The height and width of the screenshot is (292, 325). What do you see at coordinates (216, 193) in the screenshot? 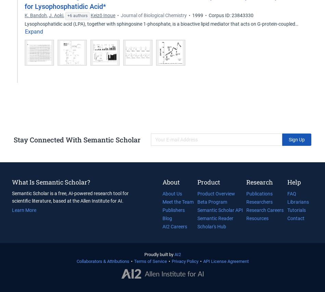
I see `'Product Overview'` at bounding box center [216, 193].